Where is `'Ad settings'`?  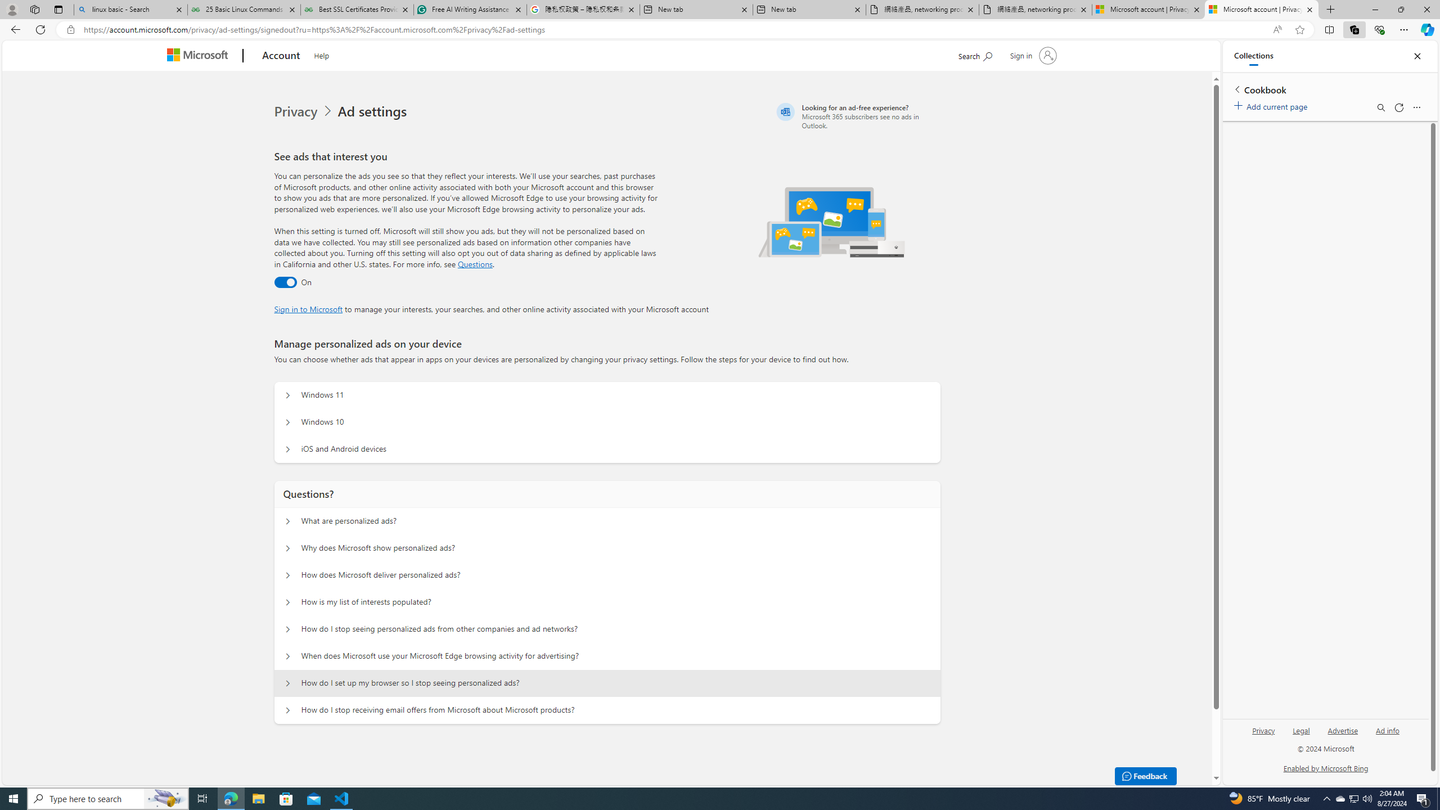 'Ad settings' is located at coordinates (374, 111).